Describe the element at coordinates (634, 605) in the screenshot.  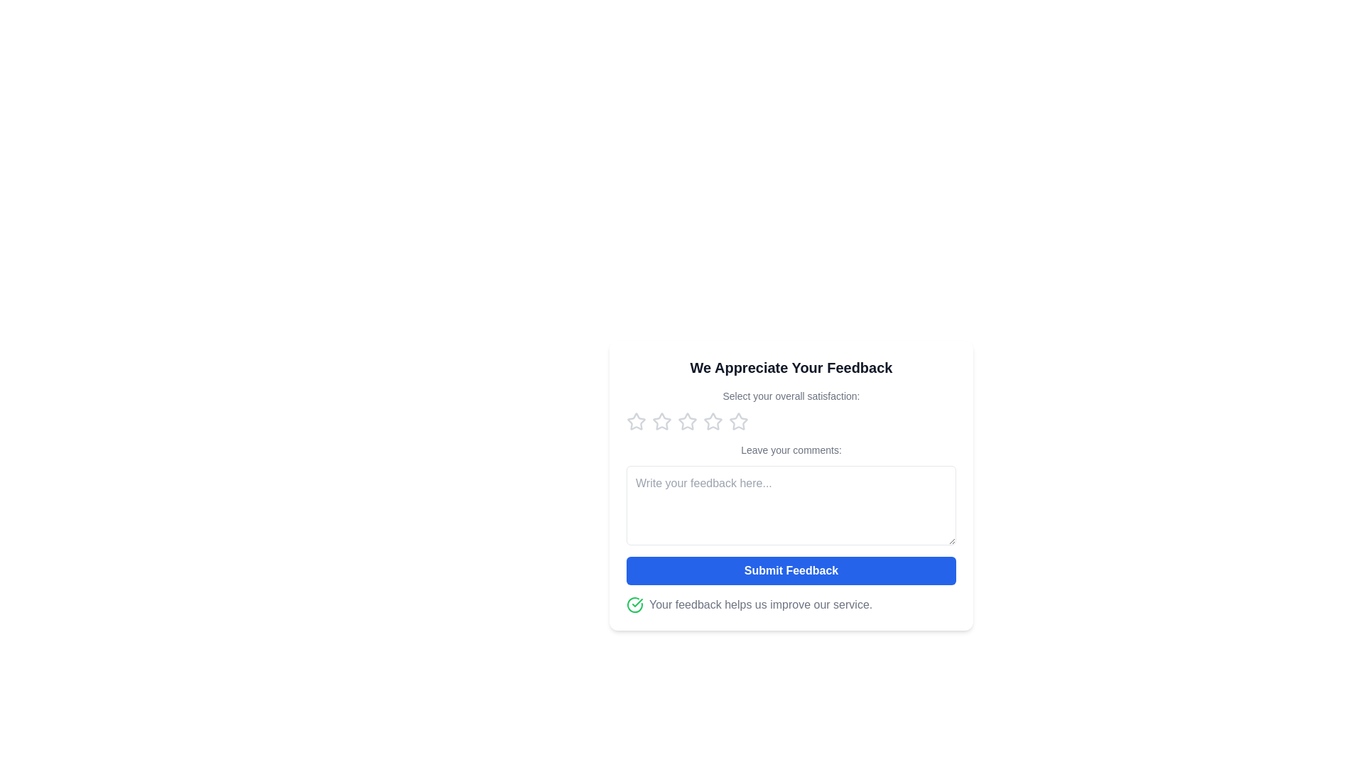
I see `the green circular vector graphic icon located near the lower-left corner of the feedback box, beside the text 'Your feedback helps us.'` at that location.